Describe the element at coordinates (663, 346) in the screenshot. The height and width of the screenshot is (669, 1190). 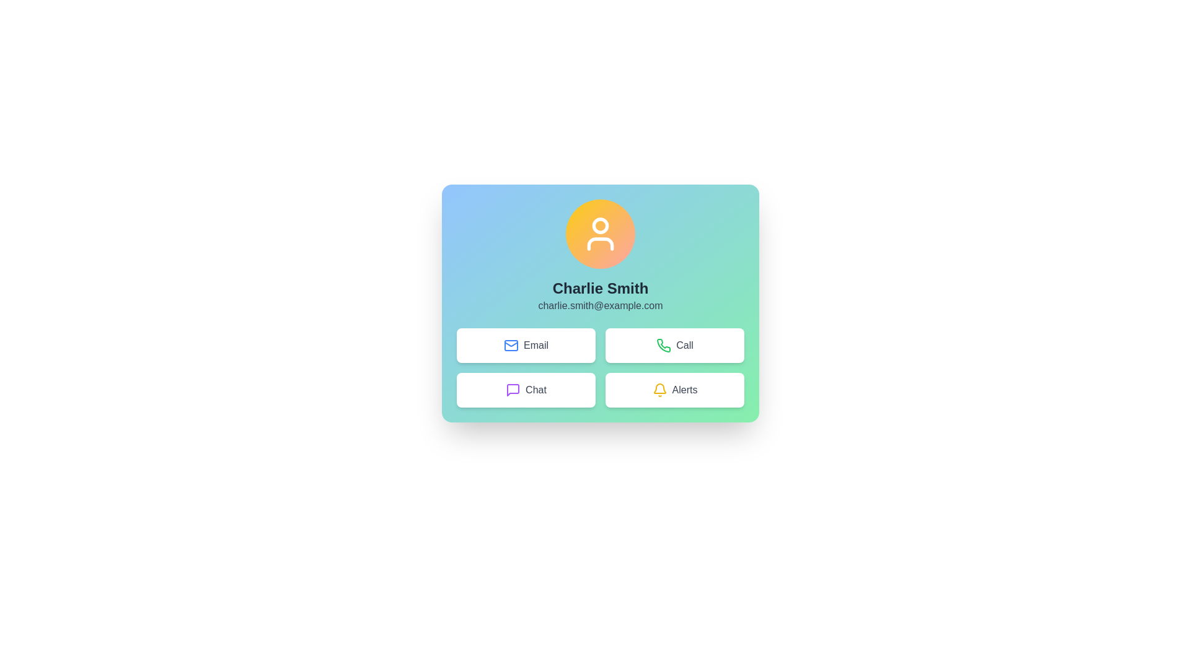
I see `the visual hint of the phone icon which is part of the 'Call' button located in the upper-right corner of the user information section` at that location.